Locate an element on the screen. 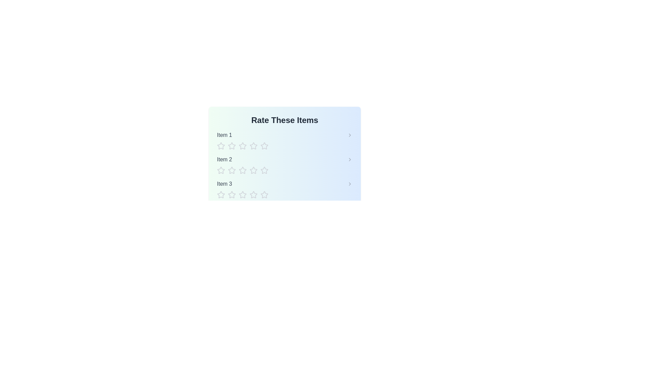 The width and height of the screenshot is (651, 366). the star corresponding to the rating 2 for item Item 1 is located at coordinates (232, 146).